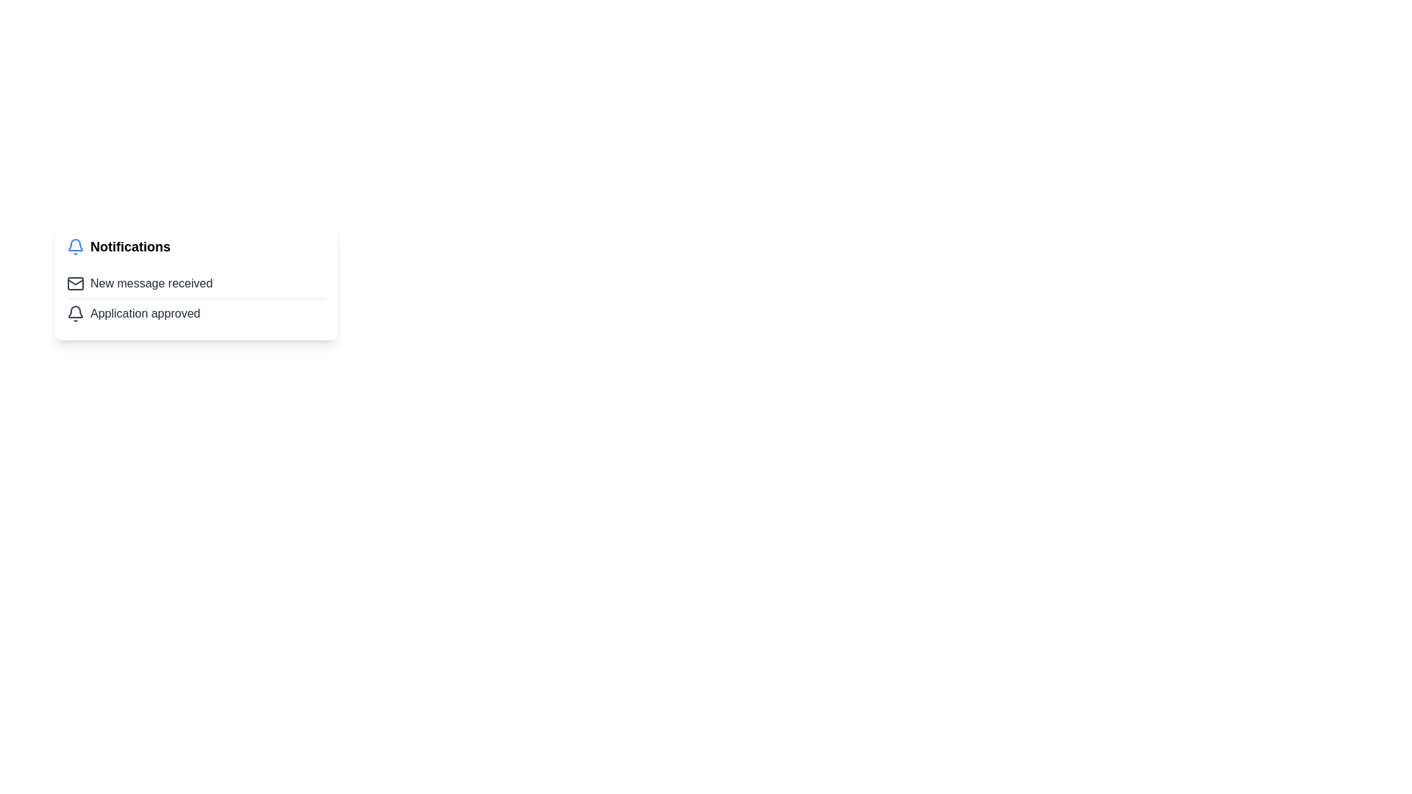 Image resolution: width=1412 pixels, height=794 pixels. I want to click on the Static Text Label that indicates the application has been approved, located in the notification section beneath 'New message received.', so click(145, 313).